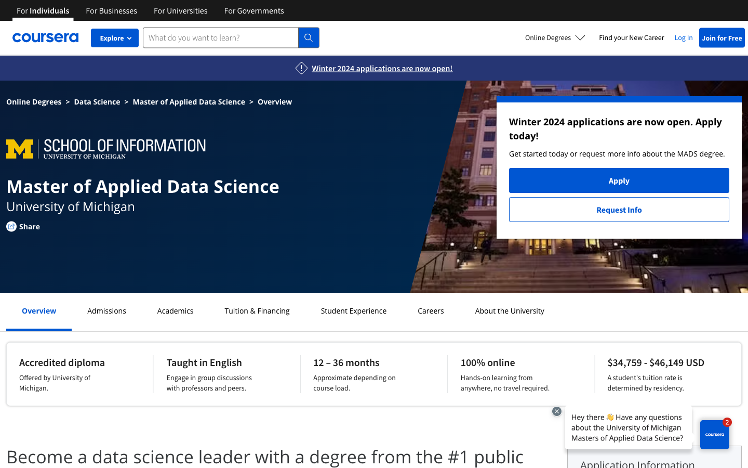 This screenshot has height=468, width=748. I want to click on View the Application section for Winter 2024, so click(381, 68).